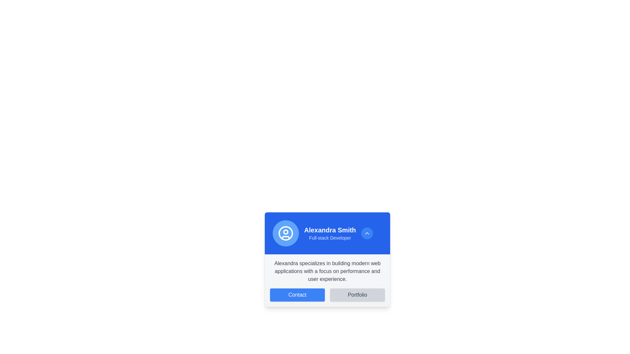 This screenshot has width=630, height=354. Describe the element at coordinates (297, 294) in the screenshot. I see `the 'Contact' button, which is a rectangular button with a blue background and white text, located at the bottom-left corner of a card-like section` at that location.